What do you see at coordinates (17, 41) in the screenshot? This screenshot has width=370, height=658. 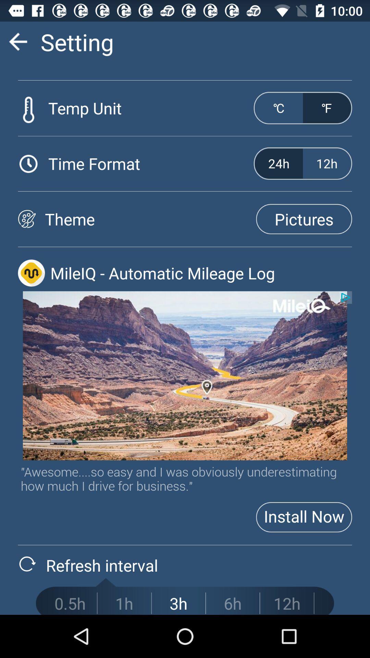 I see `go back` at bounding box center [17, 41].